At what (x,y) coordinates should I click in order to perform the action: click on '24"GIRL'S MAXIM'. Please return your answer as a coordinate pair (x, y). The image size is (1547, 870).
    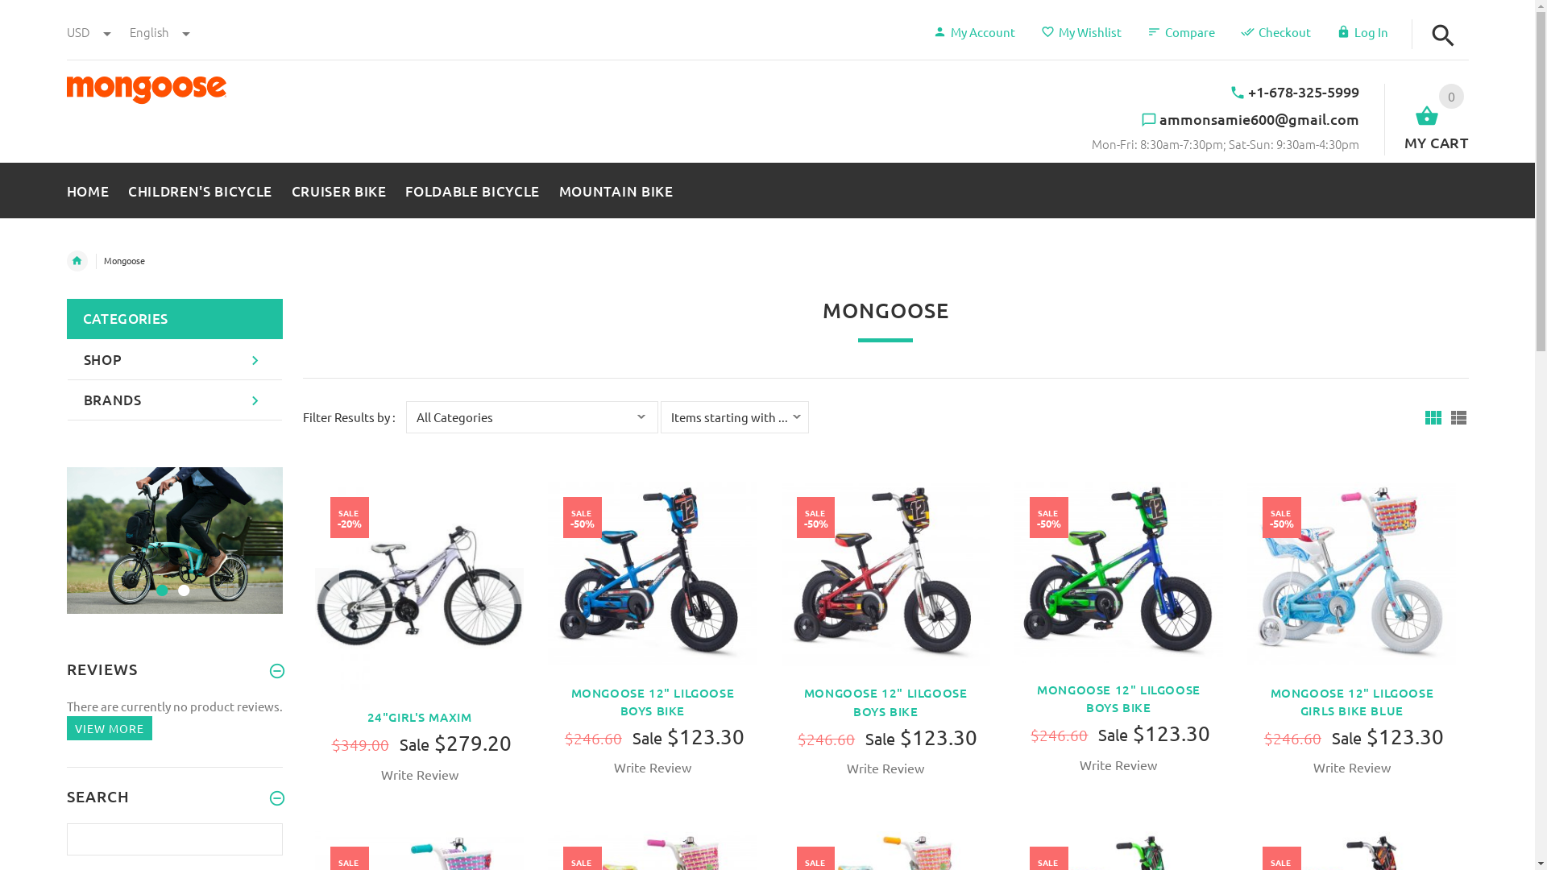
    Looking at the image, I should click on (420, 716).